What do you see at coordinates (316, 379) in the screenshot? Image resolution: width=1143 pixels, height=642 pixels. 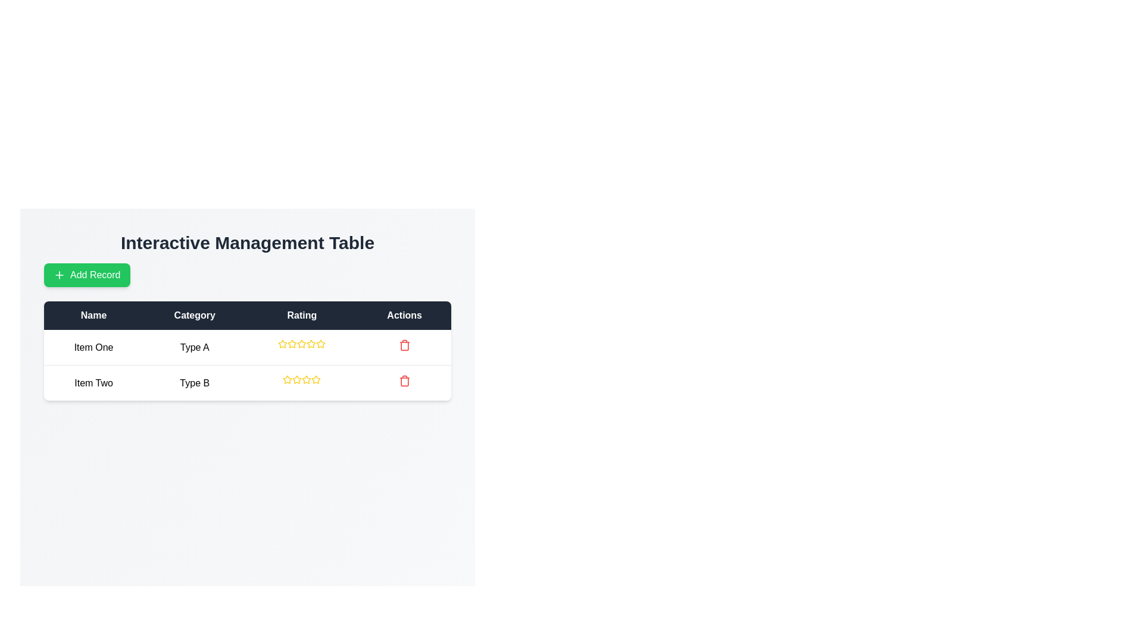 I see `the second filled star icon in the 'Rating' column of the table` at bounding box center [316, 379].